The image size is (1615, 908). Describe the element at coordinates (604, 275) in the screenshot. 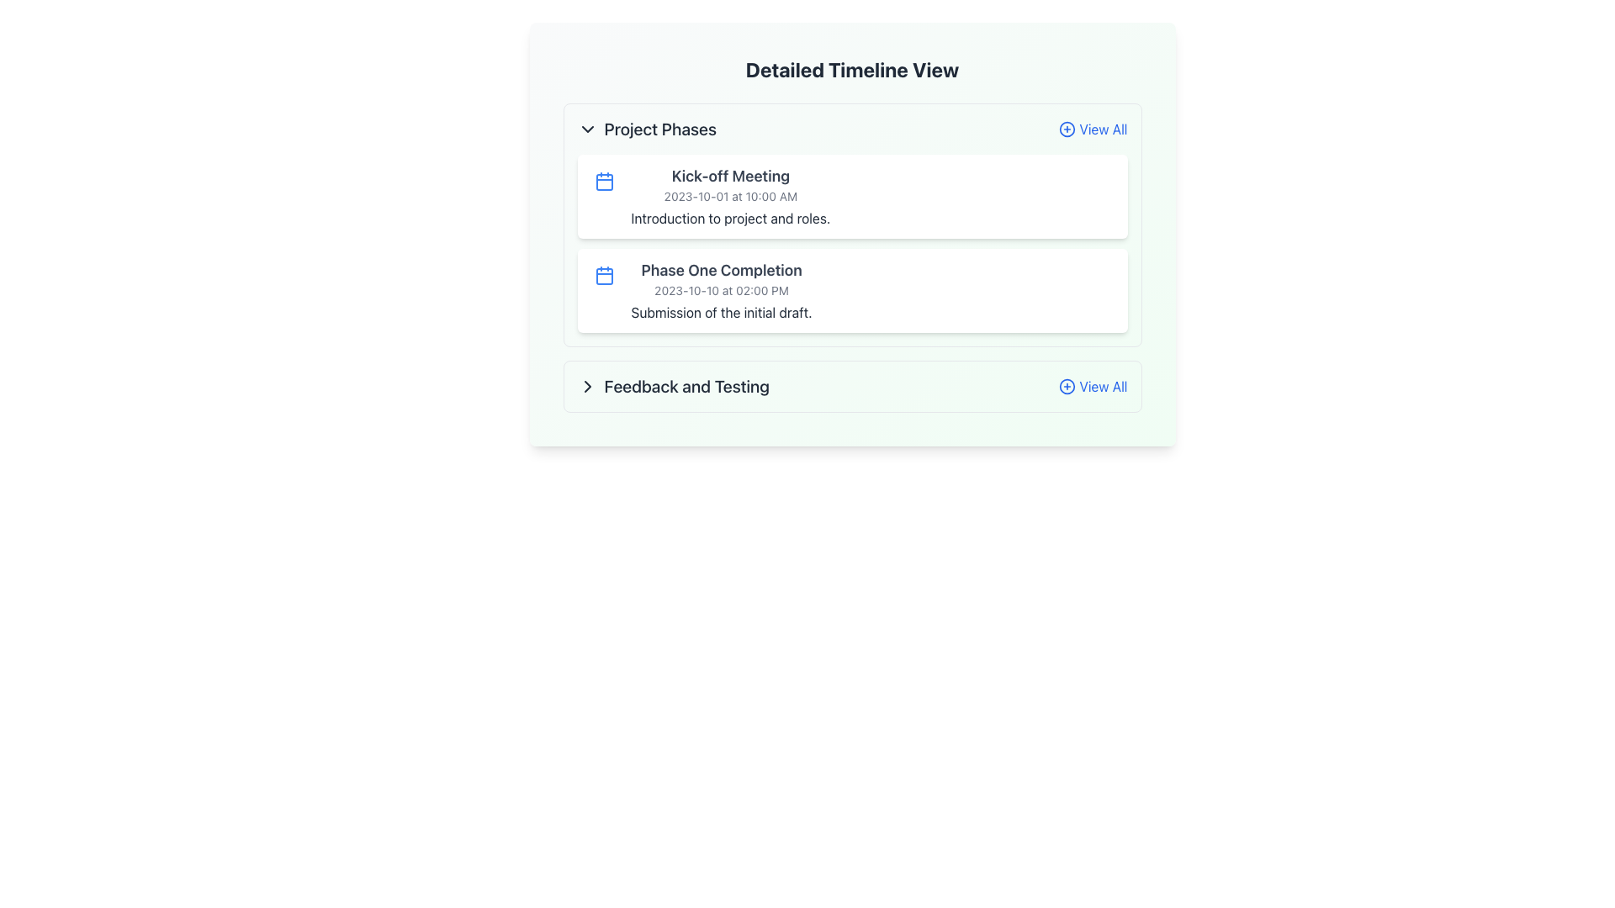

I see `the decorative graphical element of the calendar icon located within the second event card of the Project Phases section, next to the event title 'Phase One Completion.'` at that location.